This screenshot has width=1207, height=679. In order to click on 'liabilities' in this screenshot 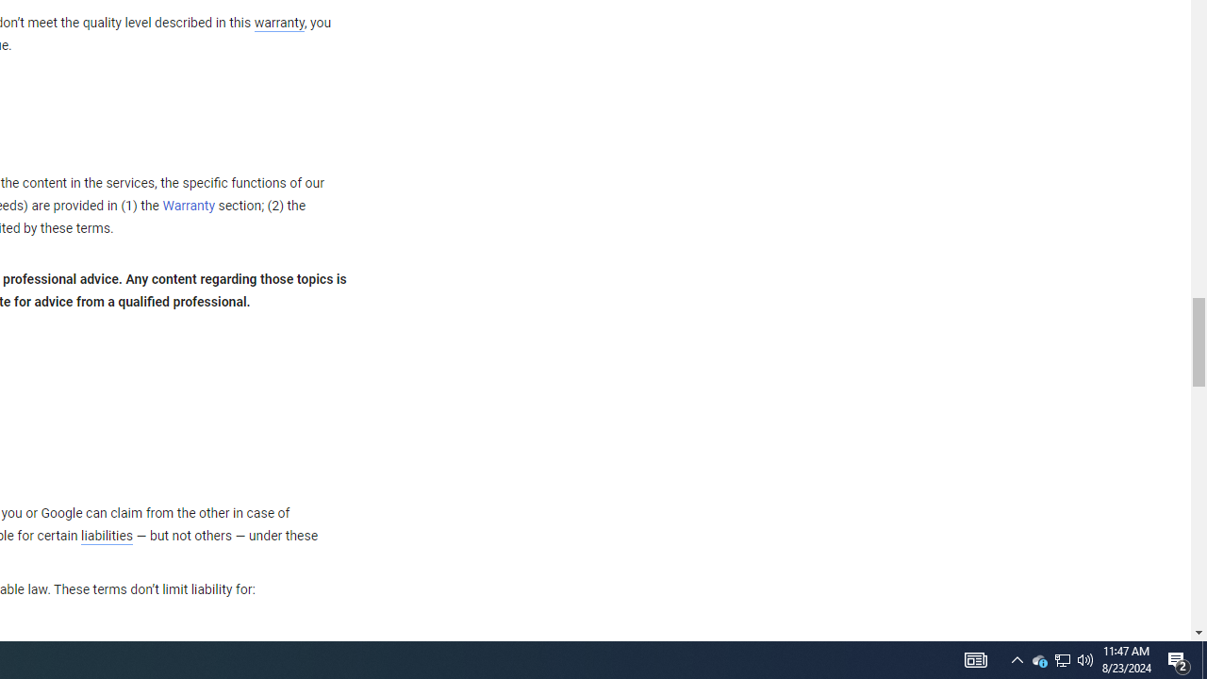, I will do `click(106, 536)`.